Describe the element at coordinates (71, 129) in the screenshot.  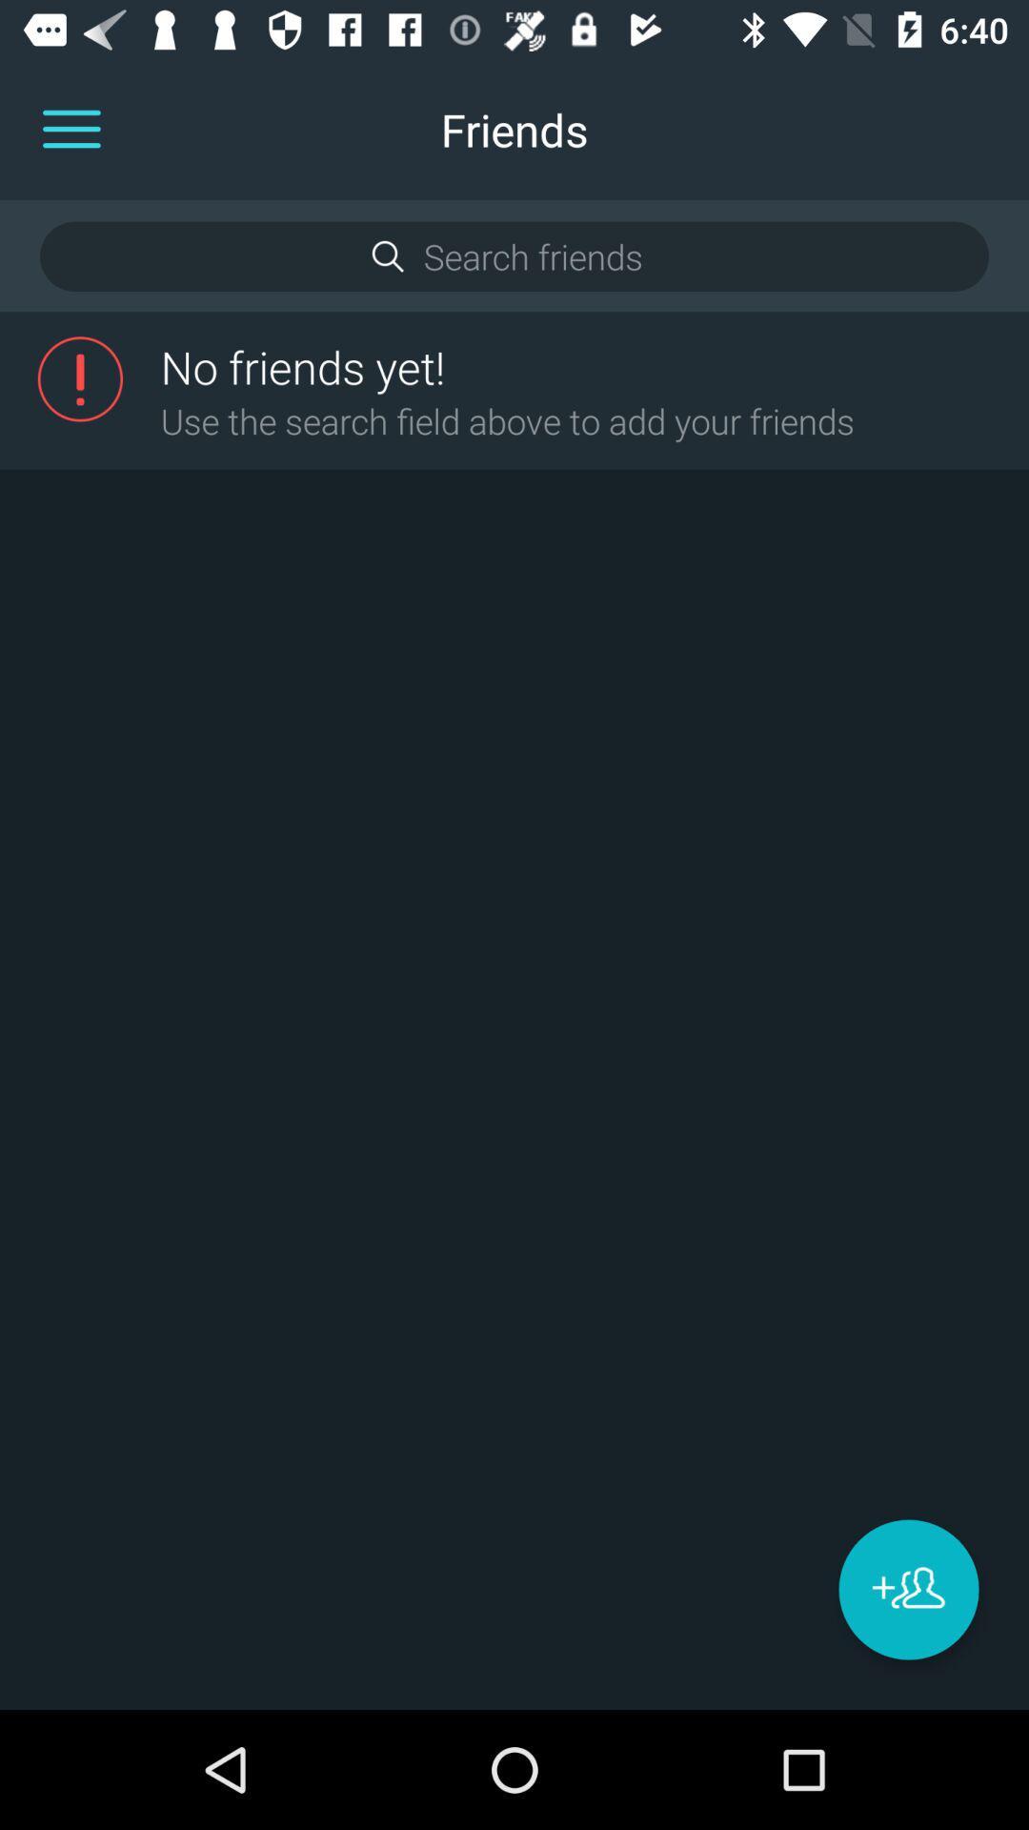
I see `menu option` at that location.